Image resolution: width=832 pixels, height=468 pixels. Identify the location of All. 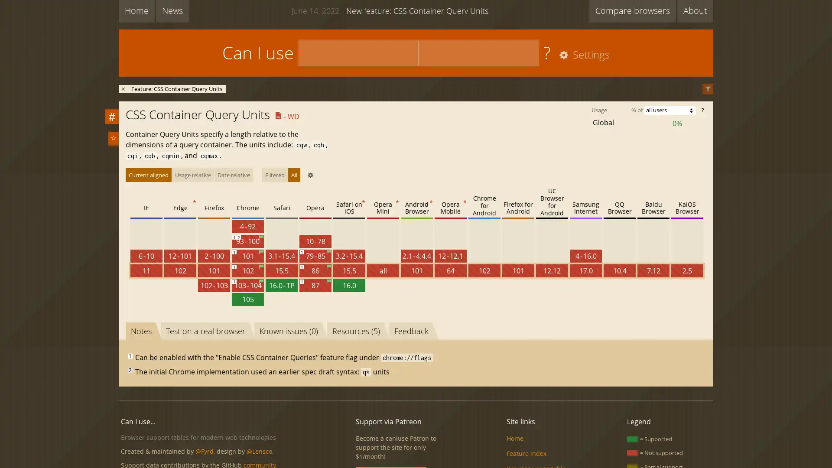
(294, 175).